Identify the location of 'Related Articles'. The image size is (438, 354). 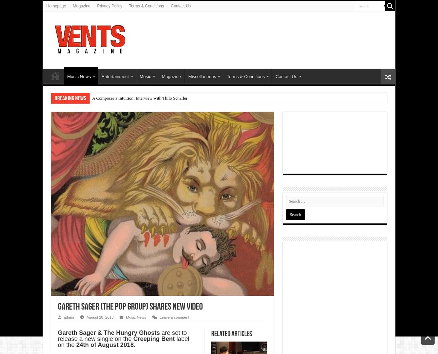
(231, 334).